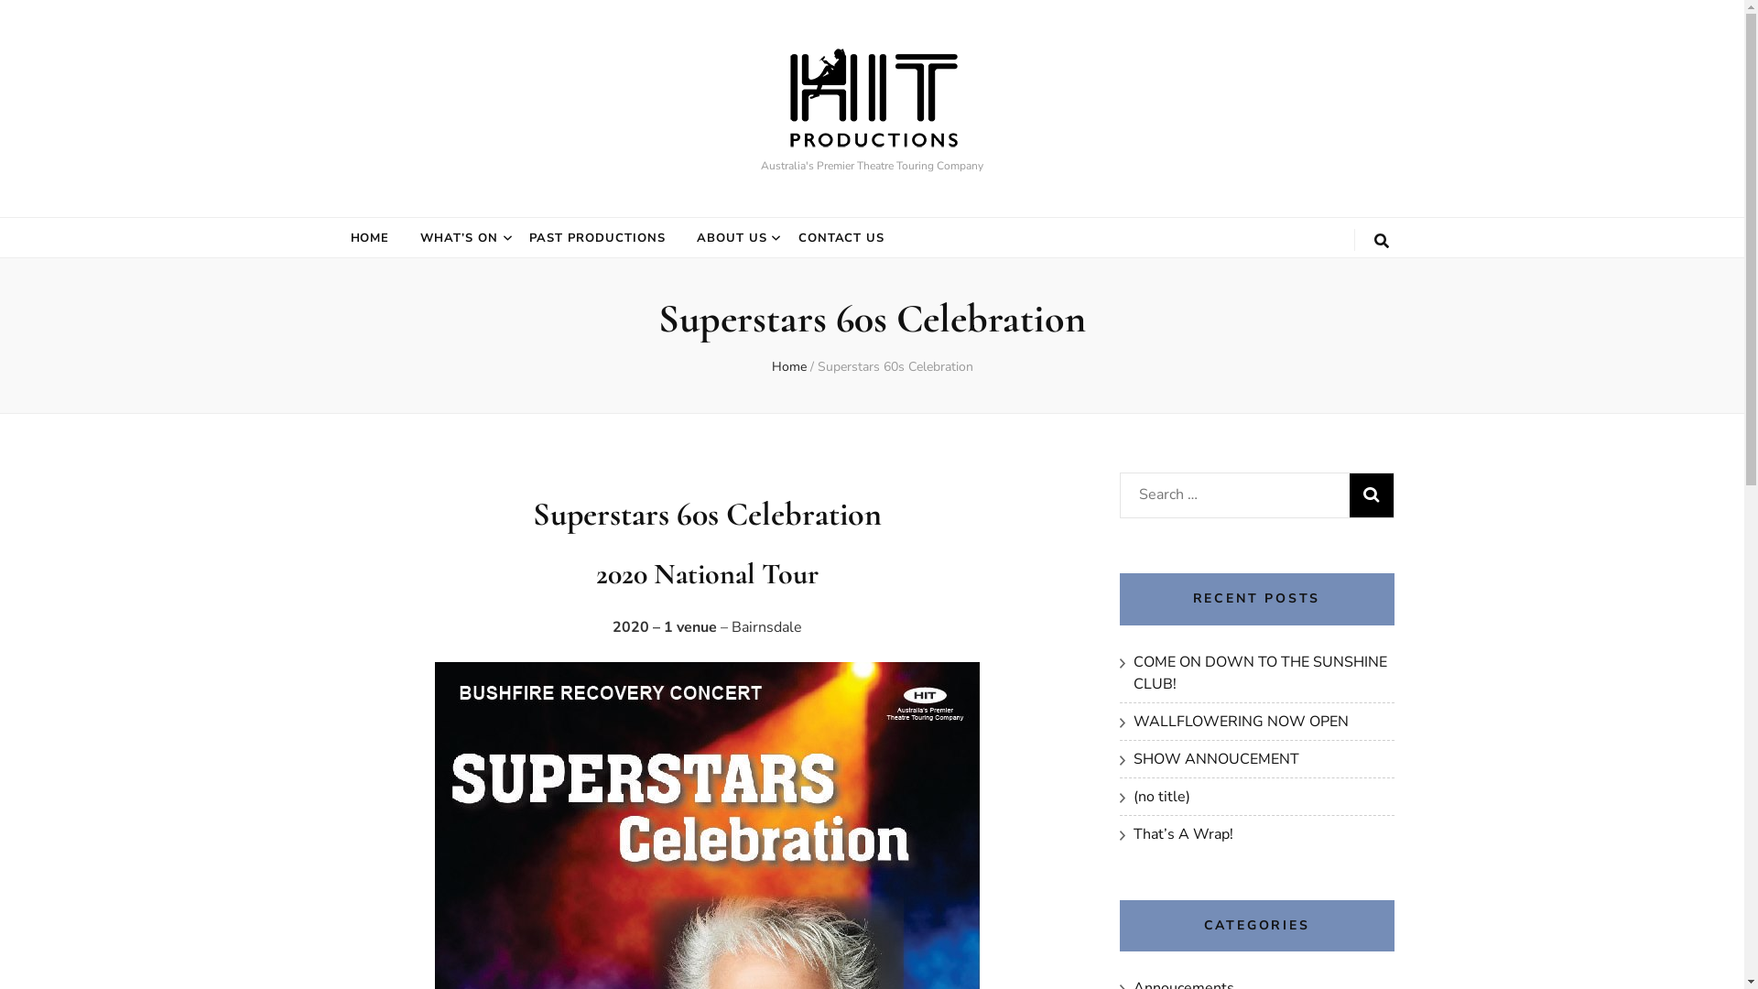  What do you see at coordinates (527, 236) in the screenshot?
I see `'PAST PRODUCTIONS'` at bounding box center [527, 236].